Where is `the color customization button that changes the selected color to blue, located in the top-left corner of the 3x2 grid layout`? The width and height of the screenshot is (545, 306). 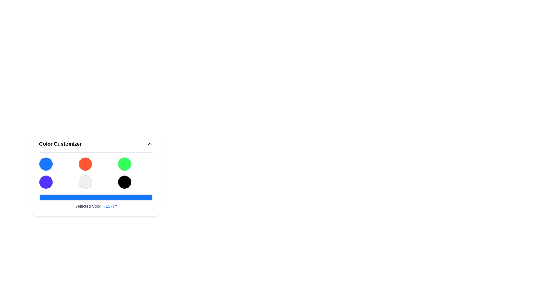 the color customization button that changes the selected color to blue, located in the top-left corner of the 3x2 grid layout is located at coordinates (46, 164).